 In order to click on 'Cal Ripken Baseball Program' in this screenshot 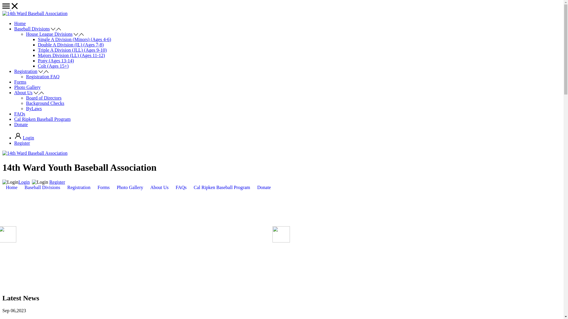, I will do `click(222, 188)`.